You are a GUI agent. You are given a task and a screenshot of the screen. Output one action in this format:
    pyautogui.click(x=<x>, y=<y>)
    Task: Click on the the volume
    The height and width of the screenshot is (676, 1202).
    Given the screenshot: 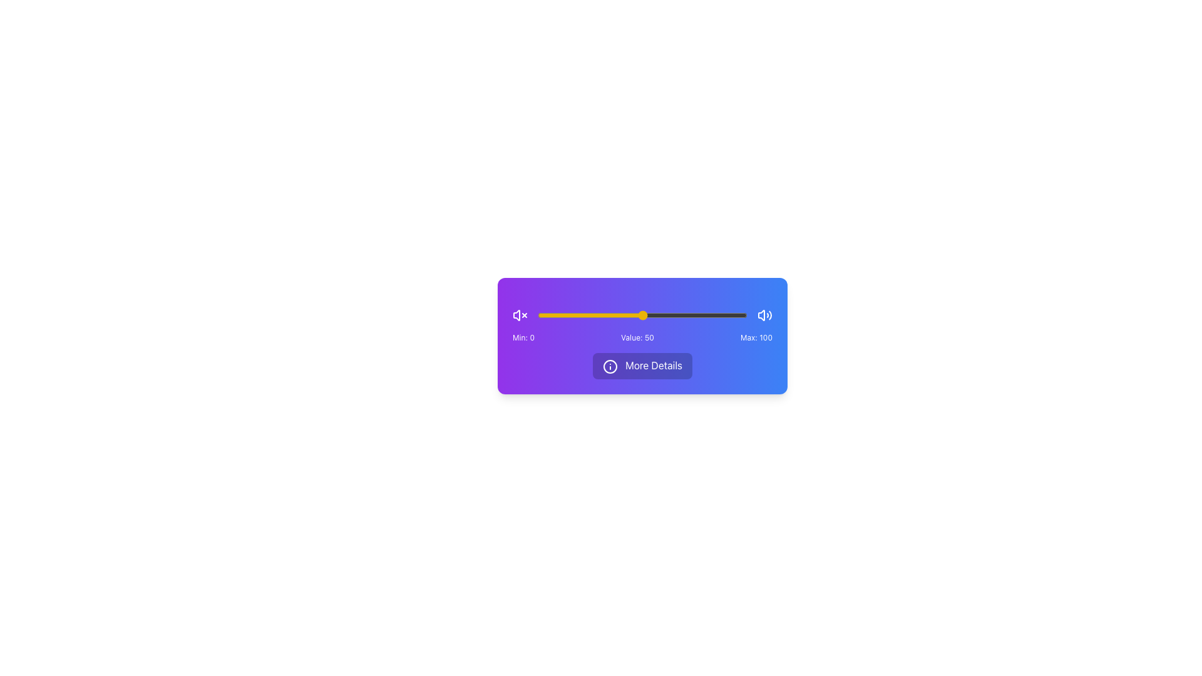 What is the action you would take?
    pyautogui.click(x=707, y=315)
    